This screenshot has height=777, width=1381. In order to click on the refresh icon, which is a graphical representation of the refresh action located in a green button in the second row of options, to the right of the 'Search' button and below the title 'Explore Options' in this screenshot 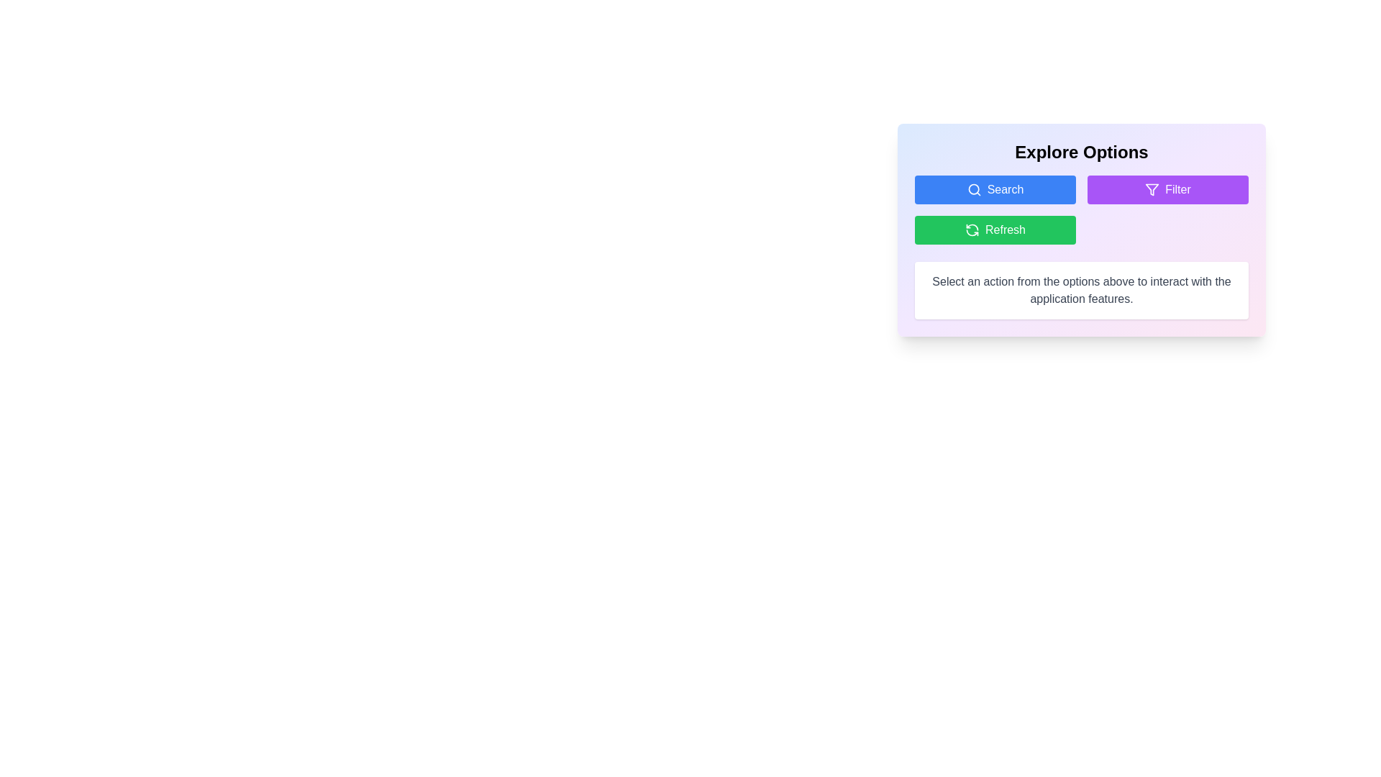, I will do `click(972, 230)`.